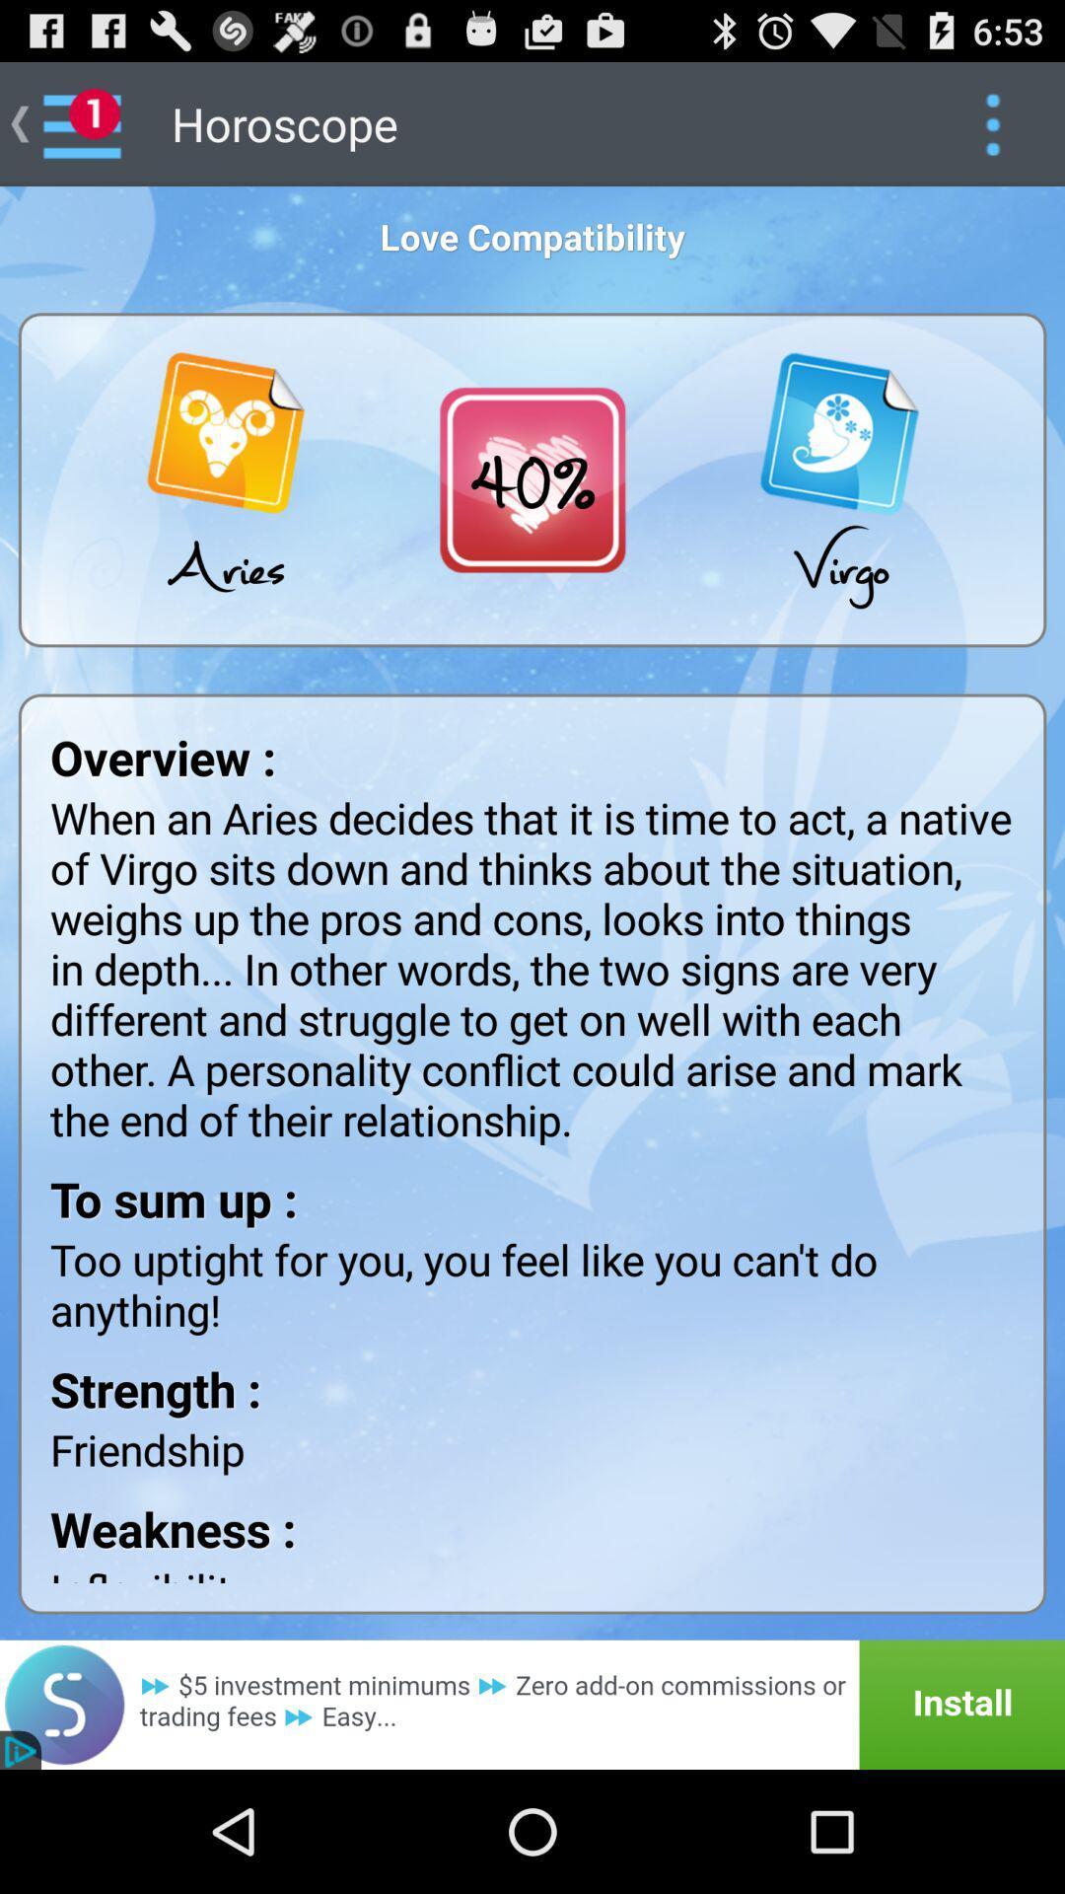  Describe the element at coordinates (992, 122) in the screenshot. I see `the item next to the horoscope icon` at that location.